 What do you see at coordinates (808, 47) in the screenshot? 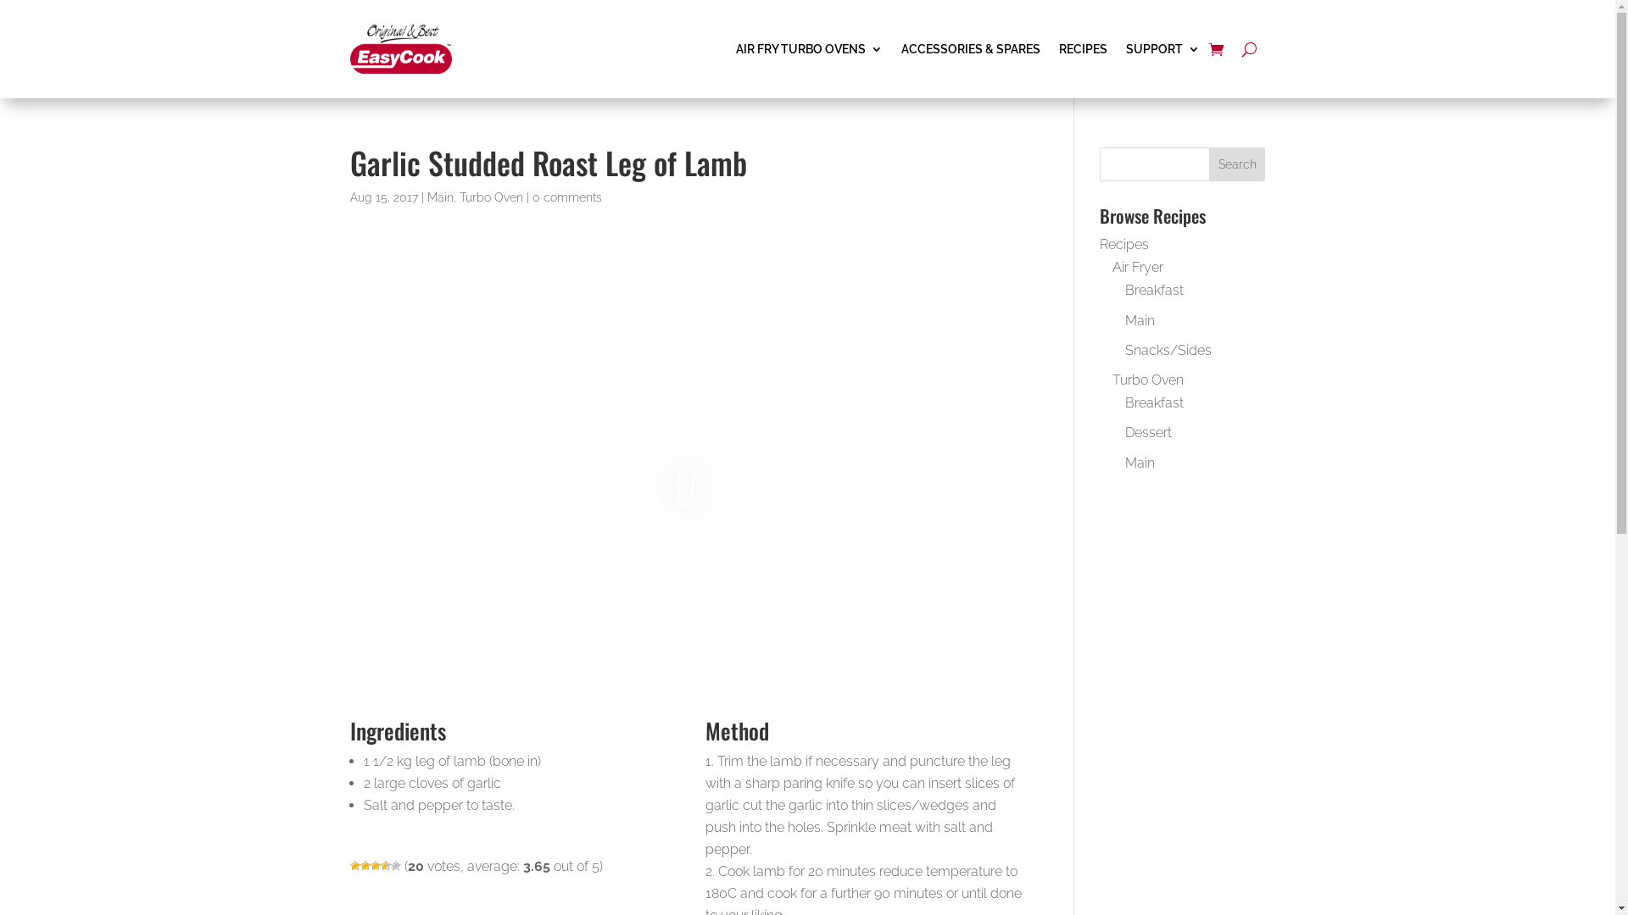
I see `'AIR FRY TURBO OVENS'` at bounding box center [808, 47].